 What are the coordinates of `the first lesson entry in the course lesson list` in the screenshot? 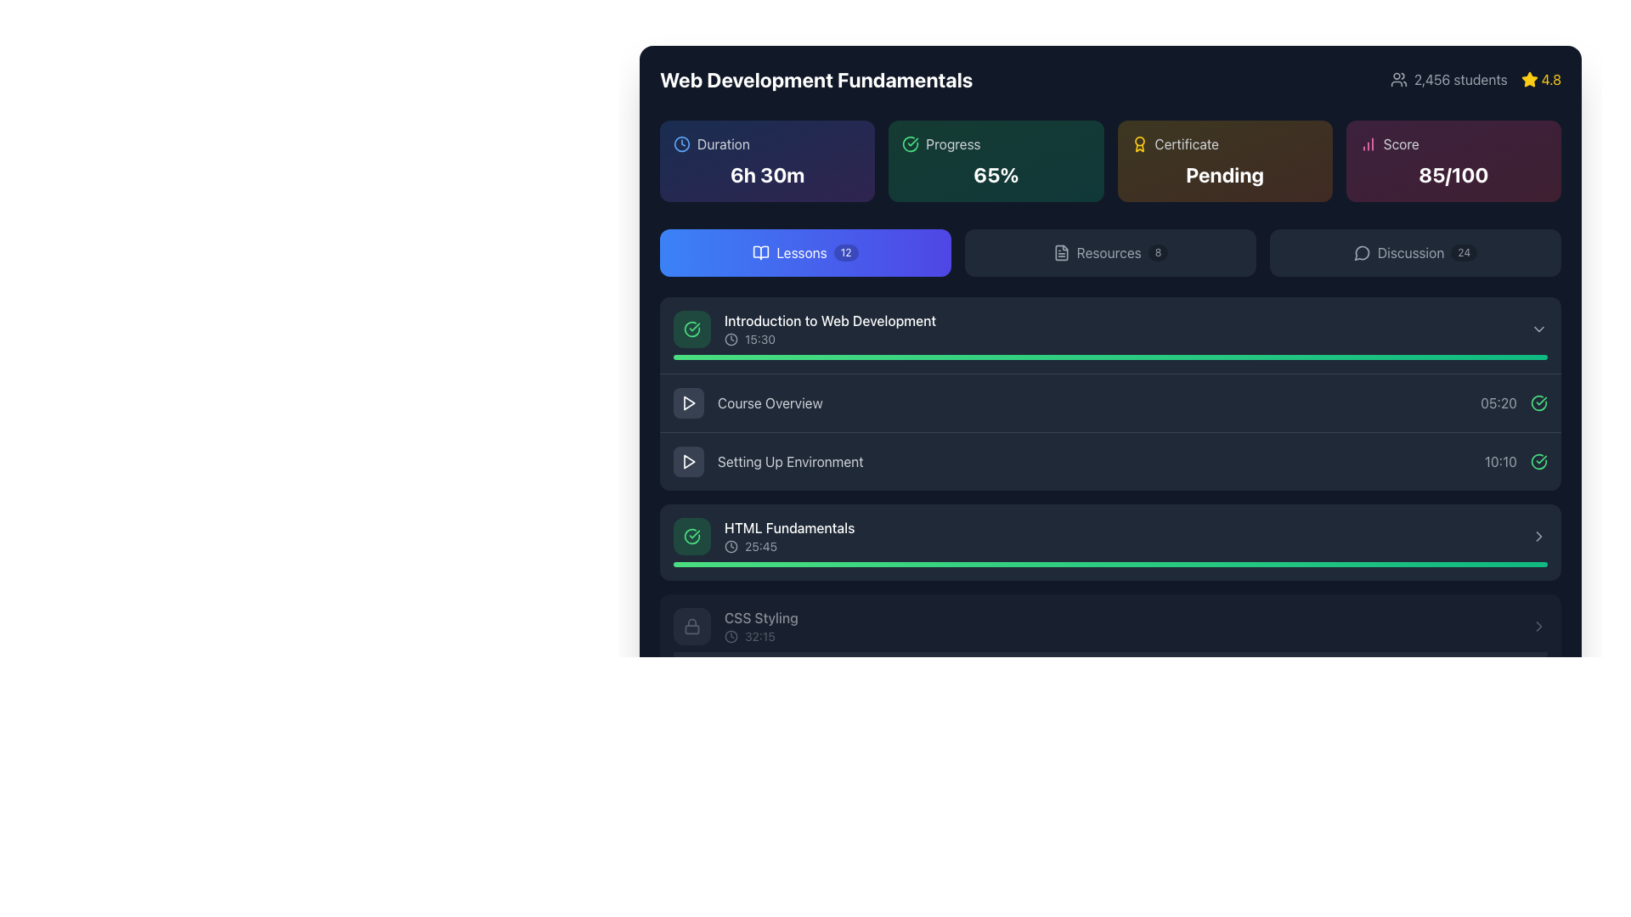 It's located at (803, 329).